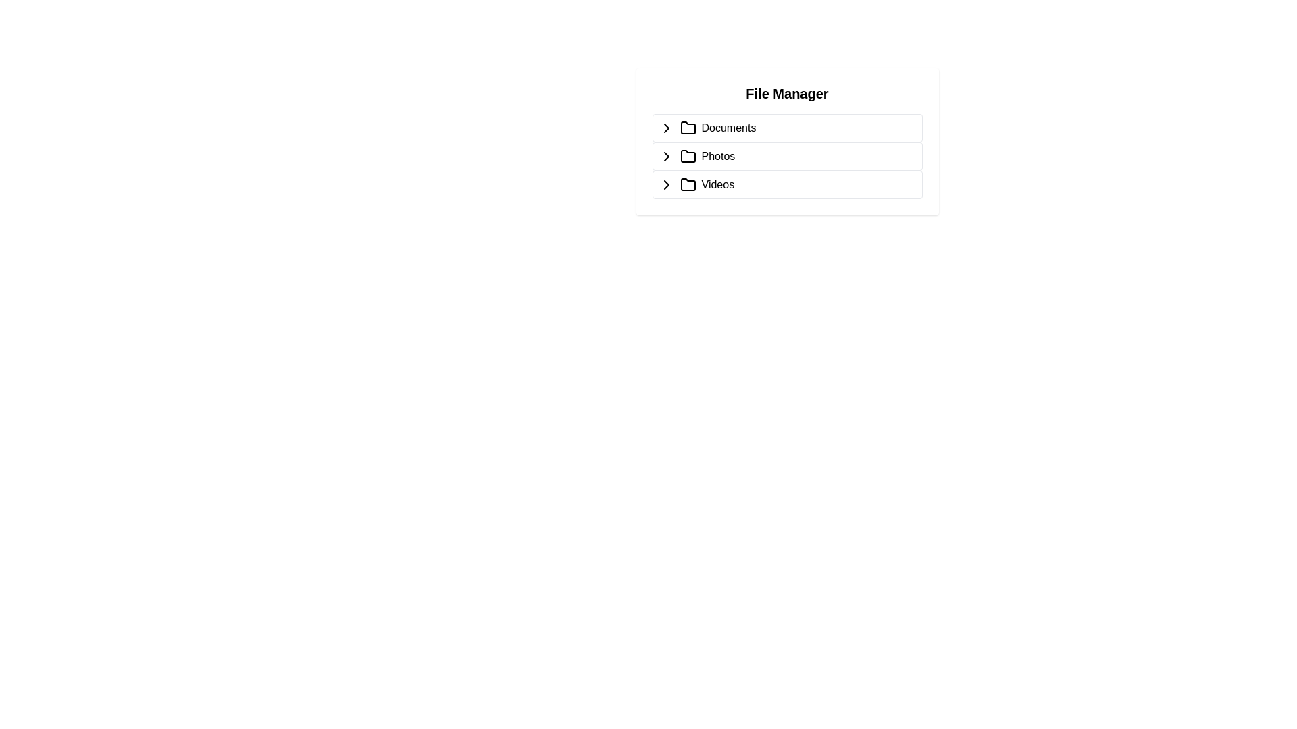 The image size is (1297, 729). What do you see at coordinates (717, 184) in the screenshot?
I see `the Text Label that identifies the 'Videos' directory, which is located to the right of a folder icon with a leftwards chevron icon` at bounding box center [717, 184].